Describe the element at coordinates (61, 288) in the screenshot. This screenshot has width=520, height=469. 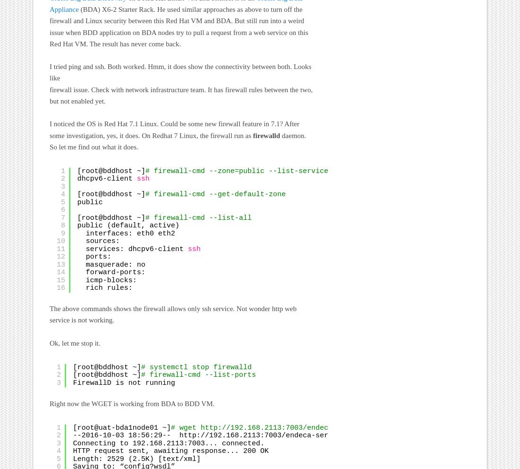
I see `'16'` at that location.